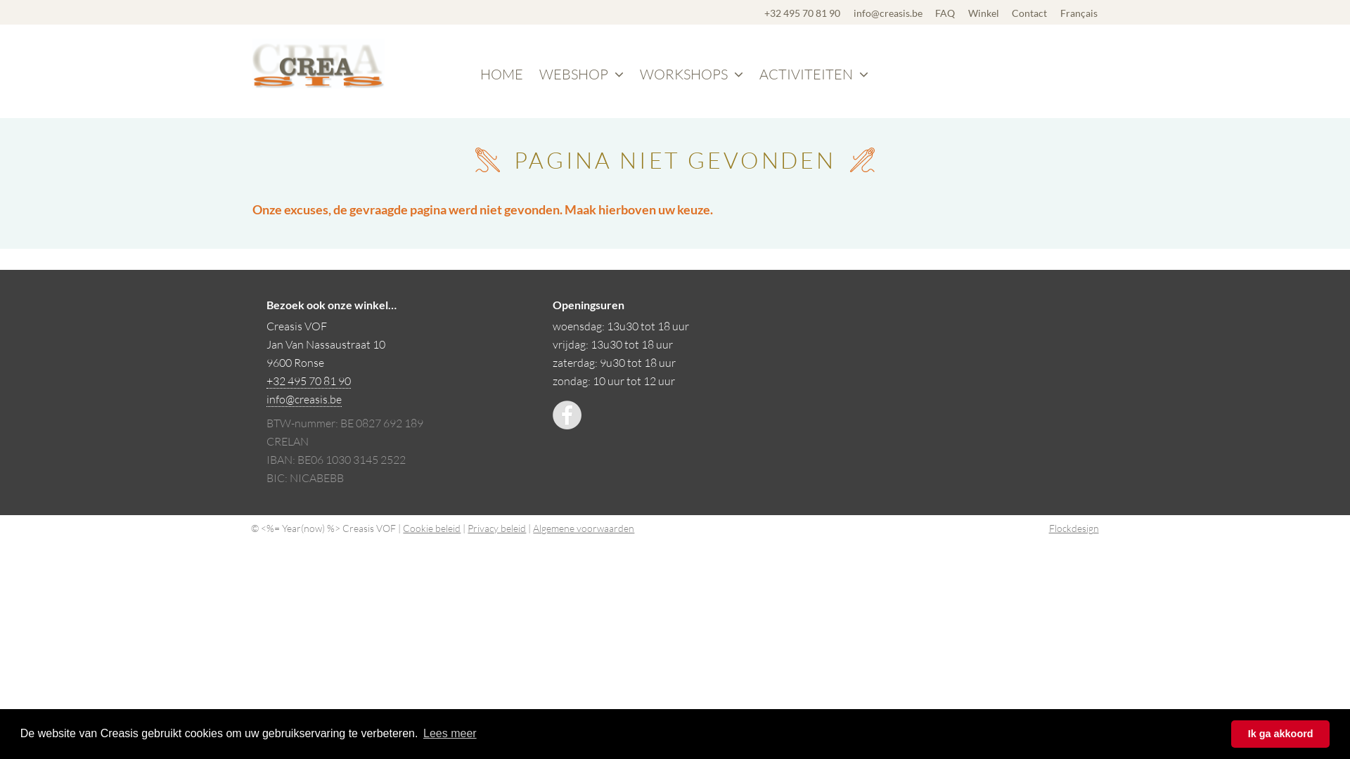 This screenshot has height=759, width=1350. What do you see at coordinates (584, 528) in the screenshot?
I see `'Algemene voorwaarden'` at bounding box center [584, 528].